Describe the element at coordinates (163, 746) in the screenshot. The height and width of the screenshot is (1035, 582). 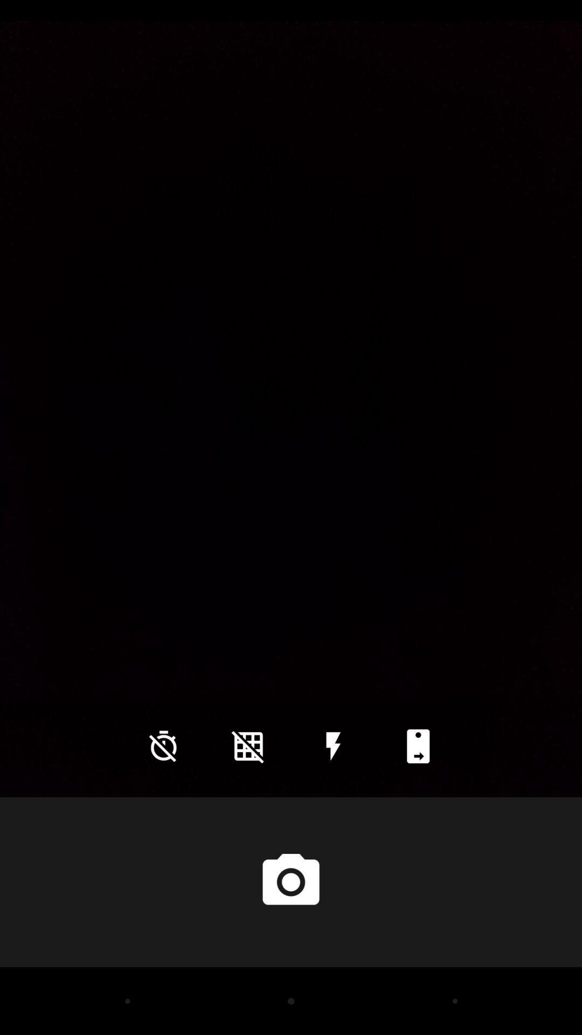
I see `the time icon` at that location.